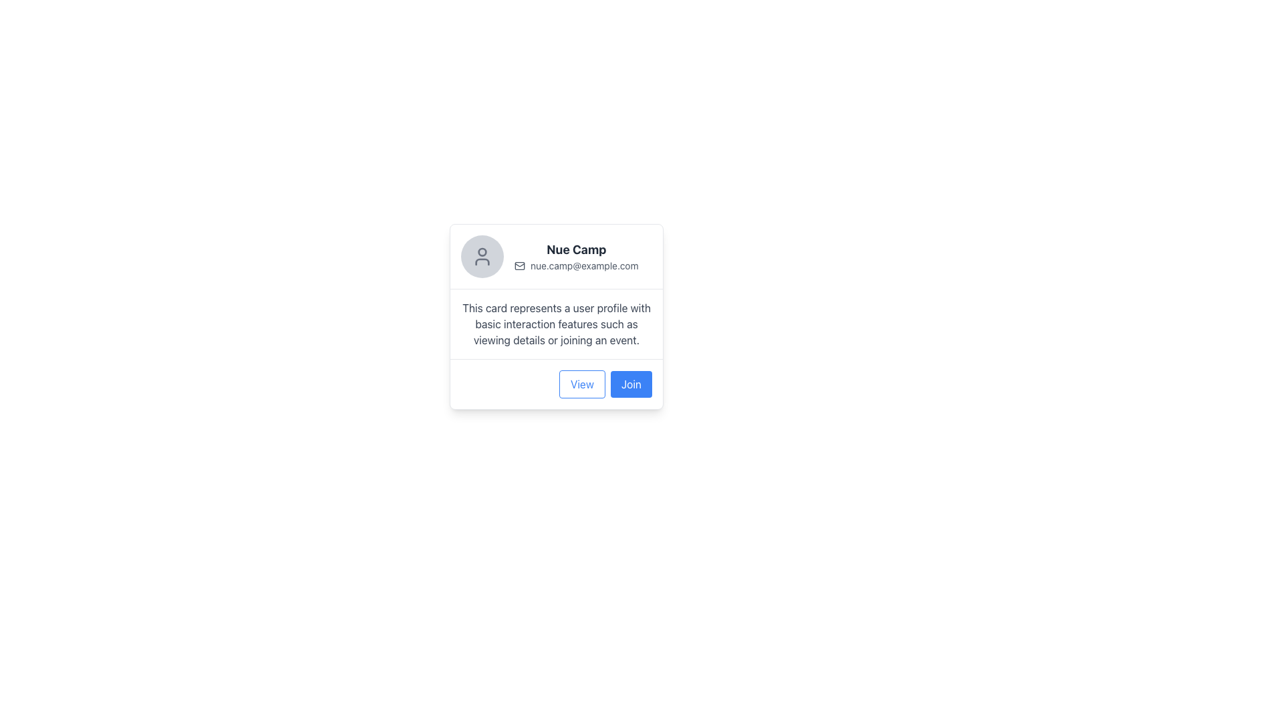 Image resolution: width=1283 pixels, height=722 pixels. I want to click on the static text displaying the email address 'nue.camp@example.com', which is styled with a small font size and gray color, positioned to the right of the envelope icon, so click(576, 265).